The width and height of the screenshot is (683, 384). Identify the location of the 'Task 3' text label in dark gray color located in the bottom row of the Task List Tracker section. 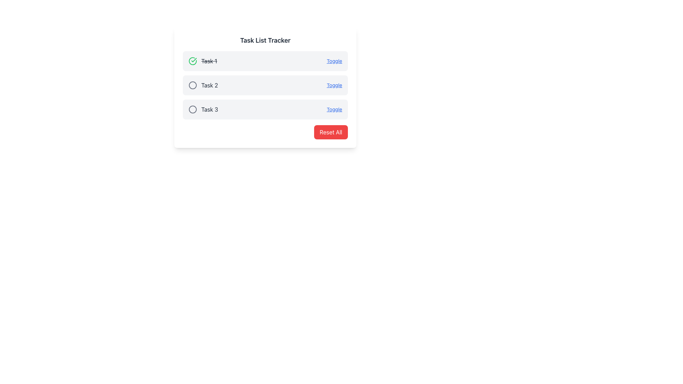
(209, 110).